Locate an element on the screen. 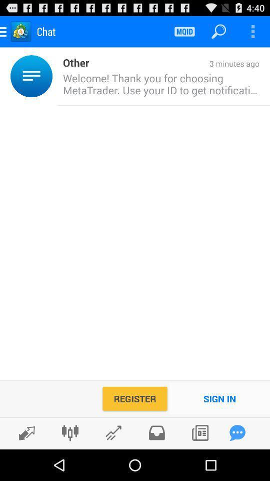 This screenshot has width=270, height=481. welcome thank you is located at coordinates (158, 83).